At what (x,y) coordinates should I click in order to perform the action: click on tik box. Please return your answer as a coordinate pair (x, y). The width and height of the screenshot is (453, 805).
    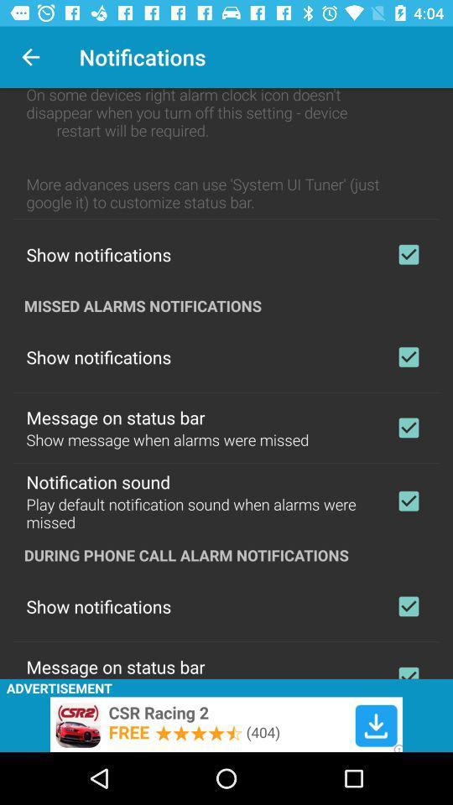
    Looking at the image, I should click on (408, 254).